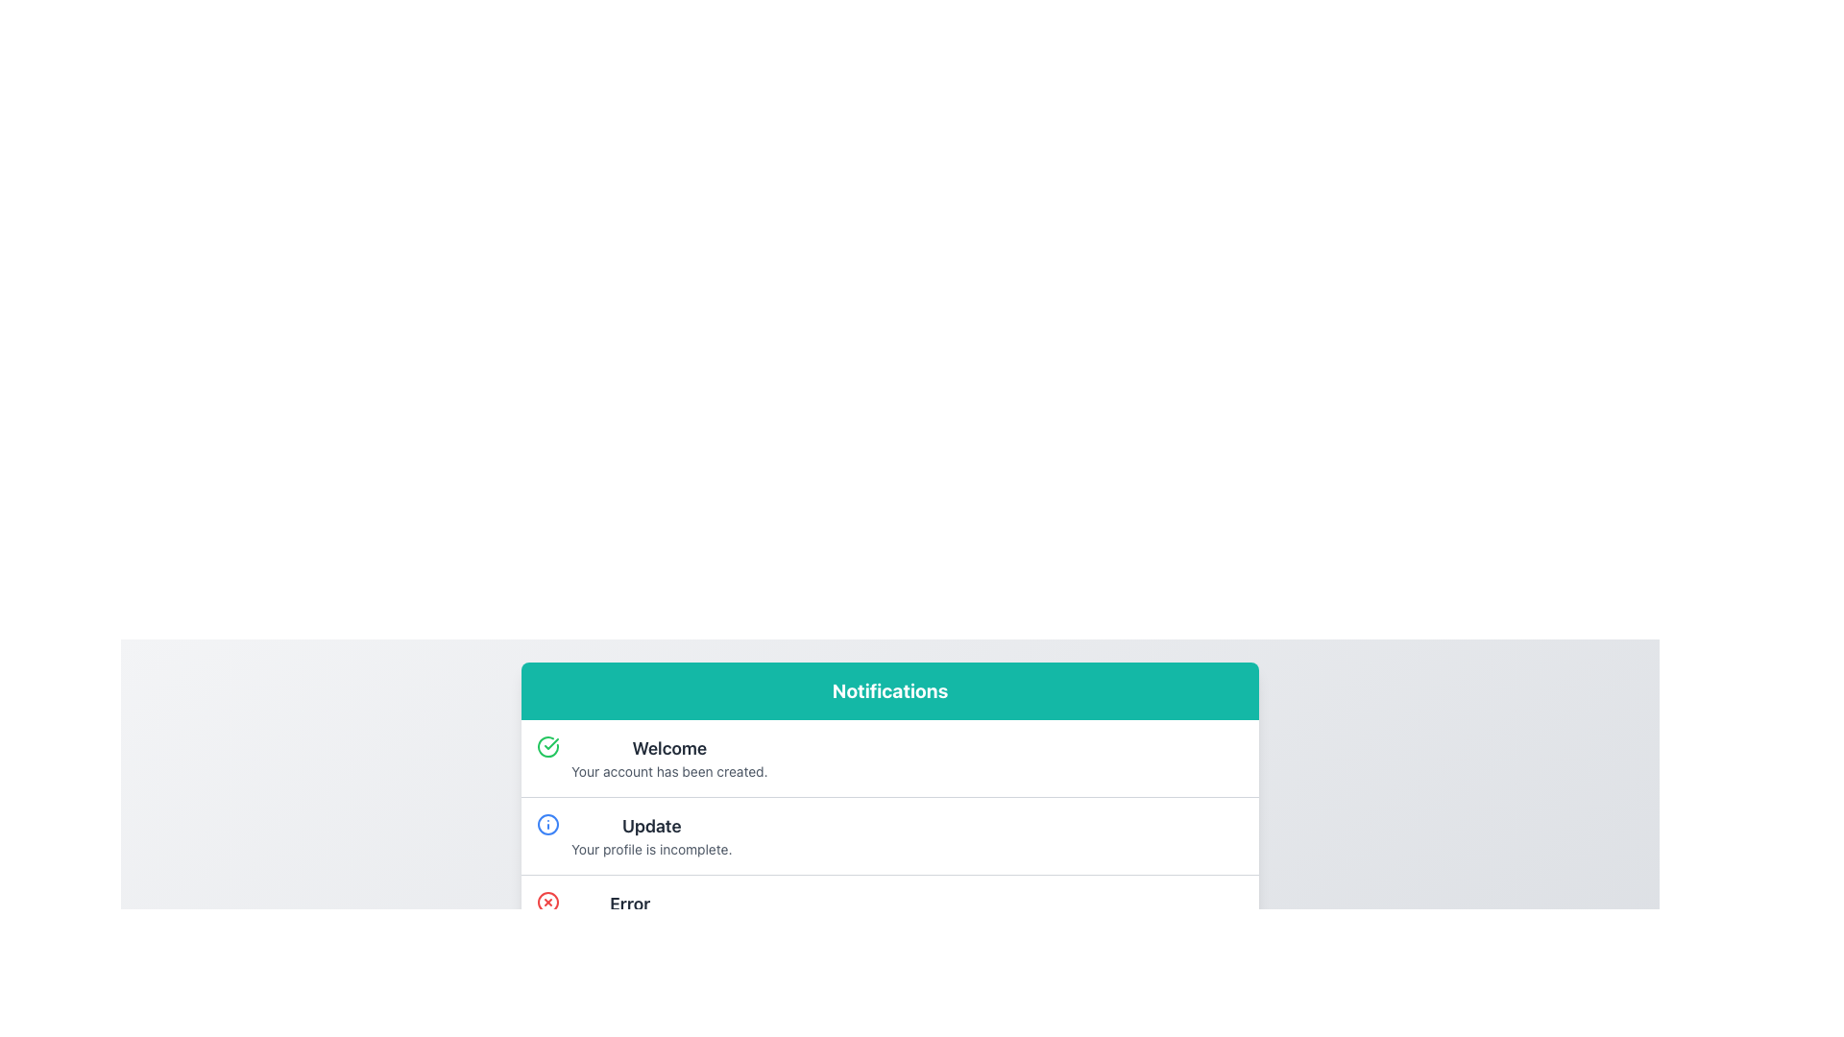  I want to click on the error notification icon located to the left of the text 'Error' in the third row of the notifications list within the 'Notifications' card UI module, so click(547, 903).